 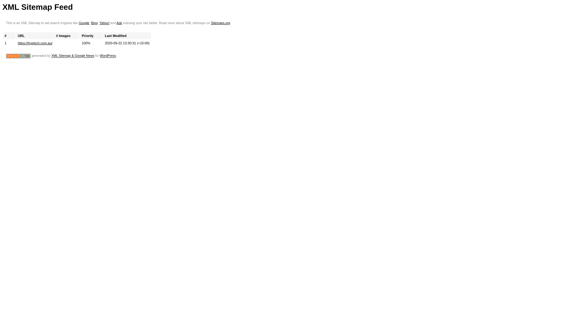 What do you see at coordinates (35, 43) in the screenshot?
I see `'https://hyetech.com.au/'` at bounding box center [35, 43].